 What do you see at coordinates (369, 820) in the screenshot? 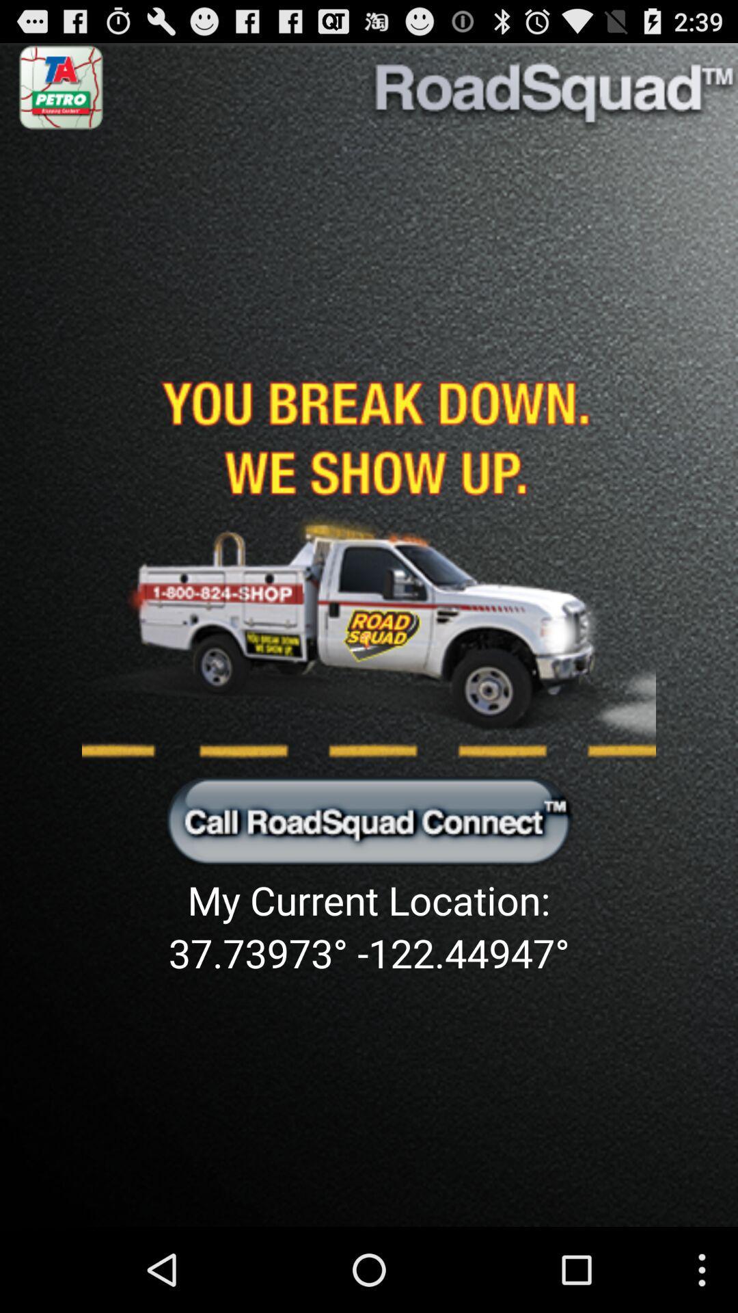
I see `open the phone app and calls the roadsquad connect service` at bounding box center [369, 820].